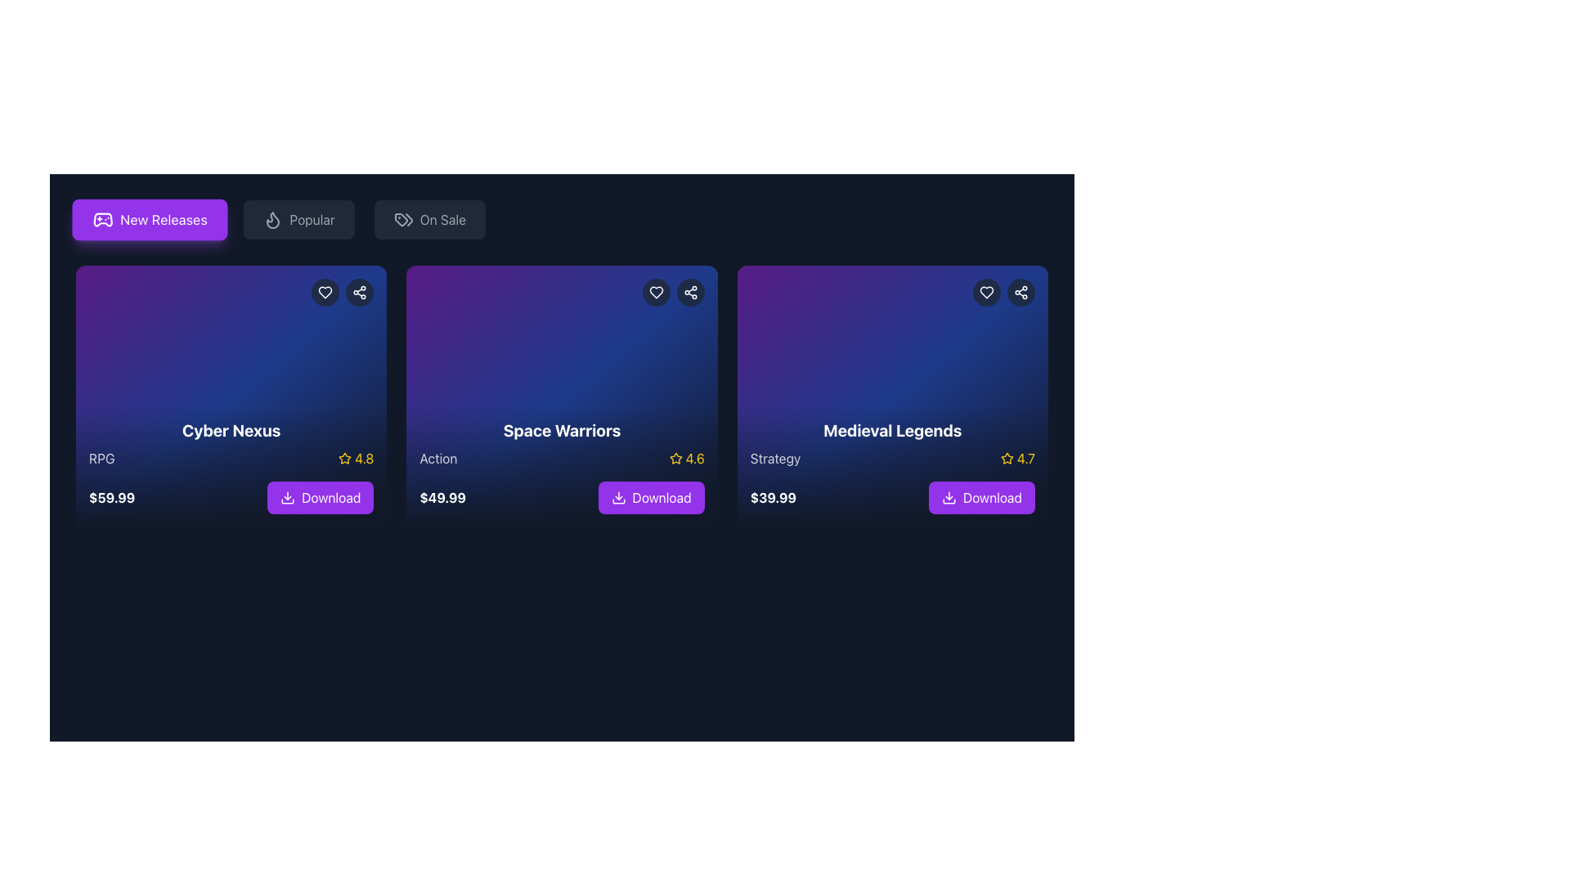 Image resolution: width=1570 pixels, height=883 pixels. What do you see at coordinates (111, 497) in the screenshot?
I see `the price indicator text label located in the leftmost card titled 'Cyber Nexus' under the 'New Releases' section, positioned above the purple 'Download' button` at bounding box center [111, 497].